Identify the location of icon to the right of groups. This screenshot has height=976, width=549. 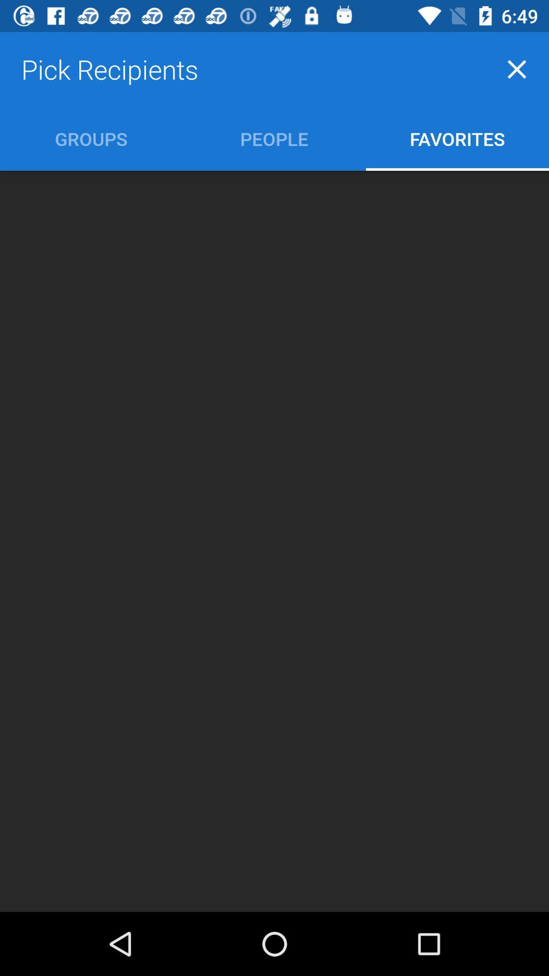
(273, 138).